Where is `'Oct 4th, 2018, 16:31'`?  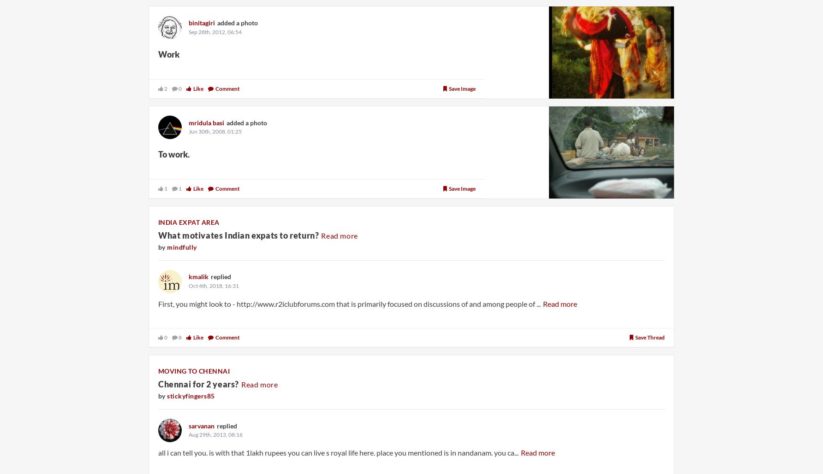 'Oct 4th, 2018, 16:31' is located at coordinates (214, 286).